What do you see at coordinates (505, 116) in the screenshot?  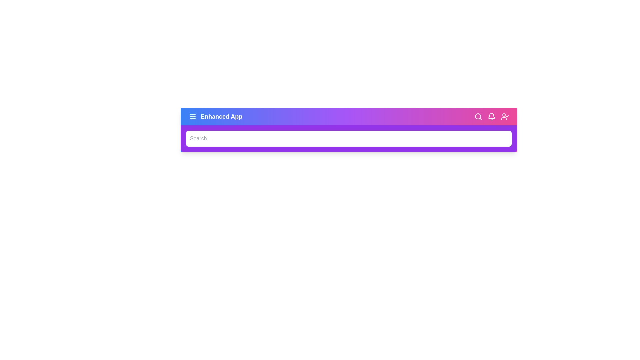 I see `the 'User' icon to open the user settings` at bounding box center [505, 116].